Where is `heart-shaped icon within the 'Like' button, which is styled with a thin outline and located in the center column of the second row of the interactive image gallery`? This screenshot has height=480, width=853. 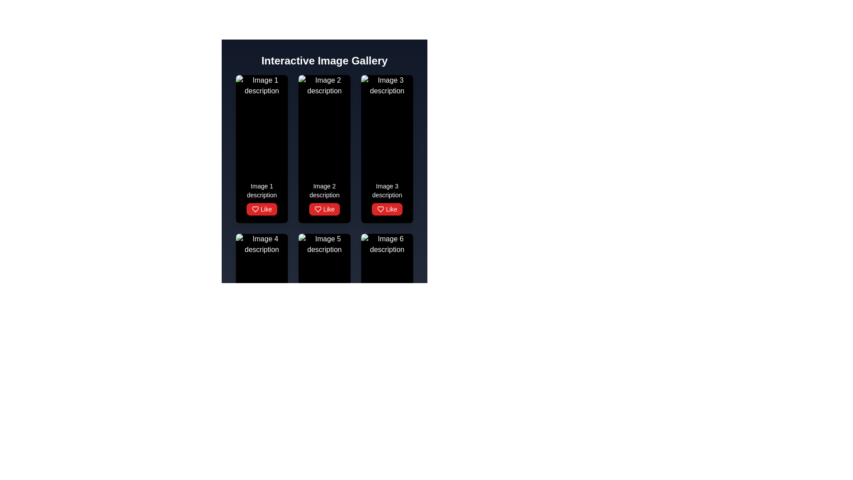 heart-shaped icon within the 'Like' button, which is styled with a thin outline and located in the center column of the second row of the interactive image gallery is located at coordinates (255, 368).